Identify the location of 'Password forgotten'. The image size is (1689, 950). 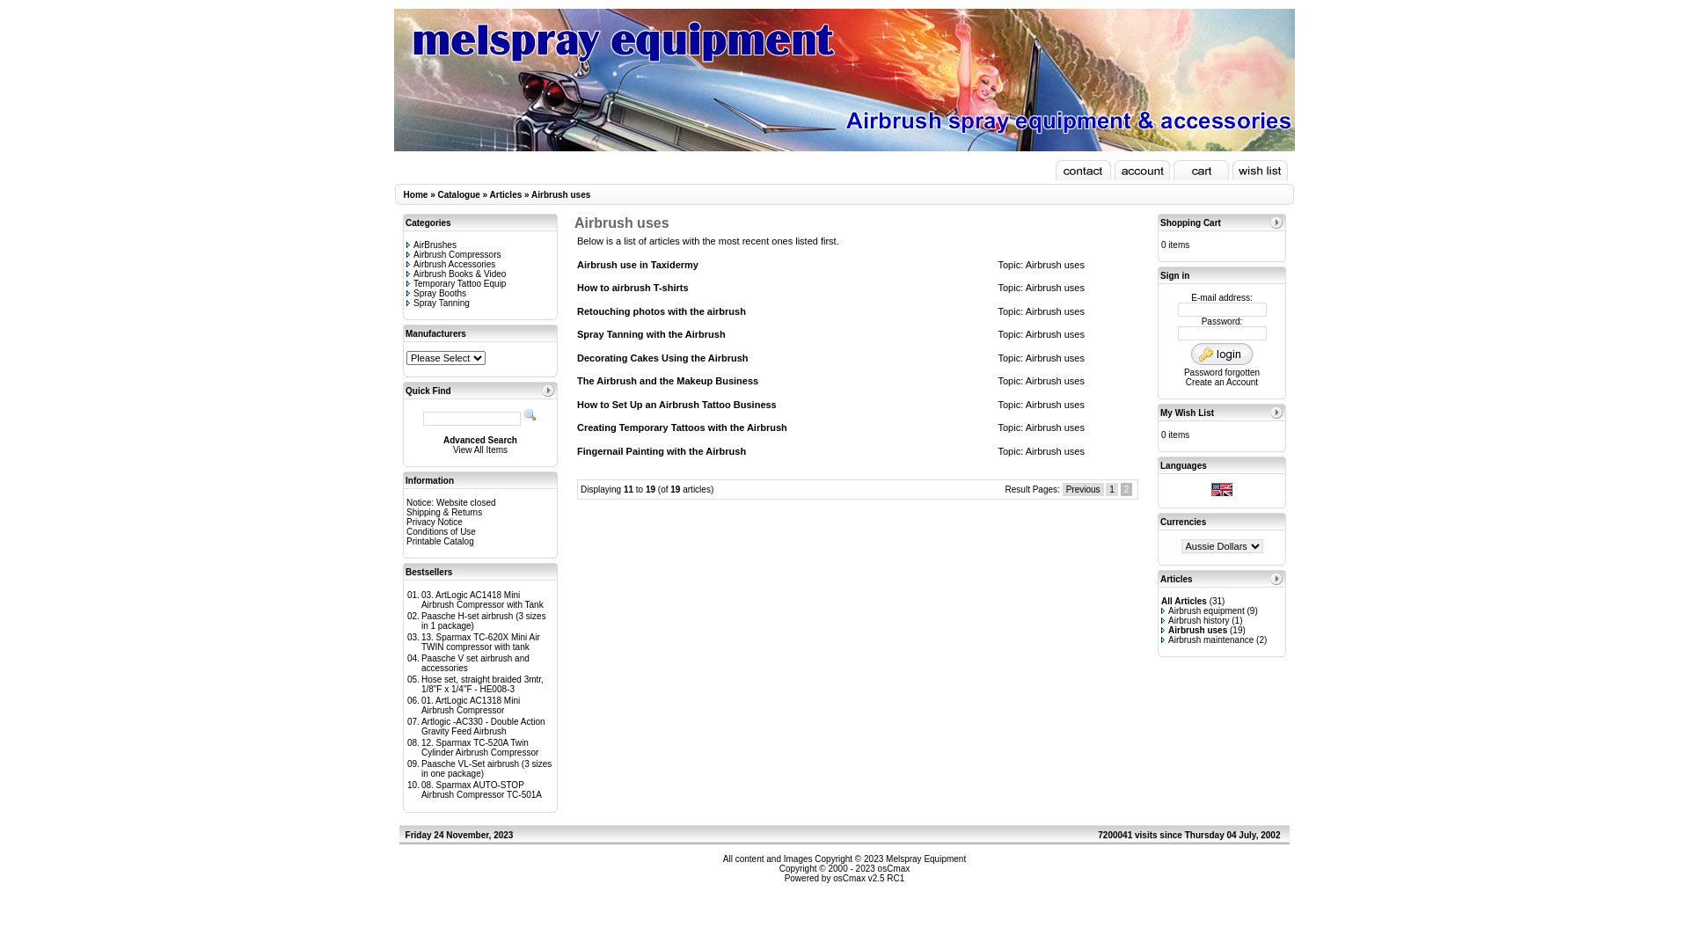
(1220, 371).